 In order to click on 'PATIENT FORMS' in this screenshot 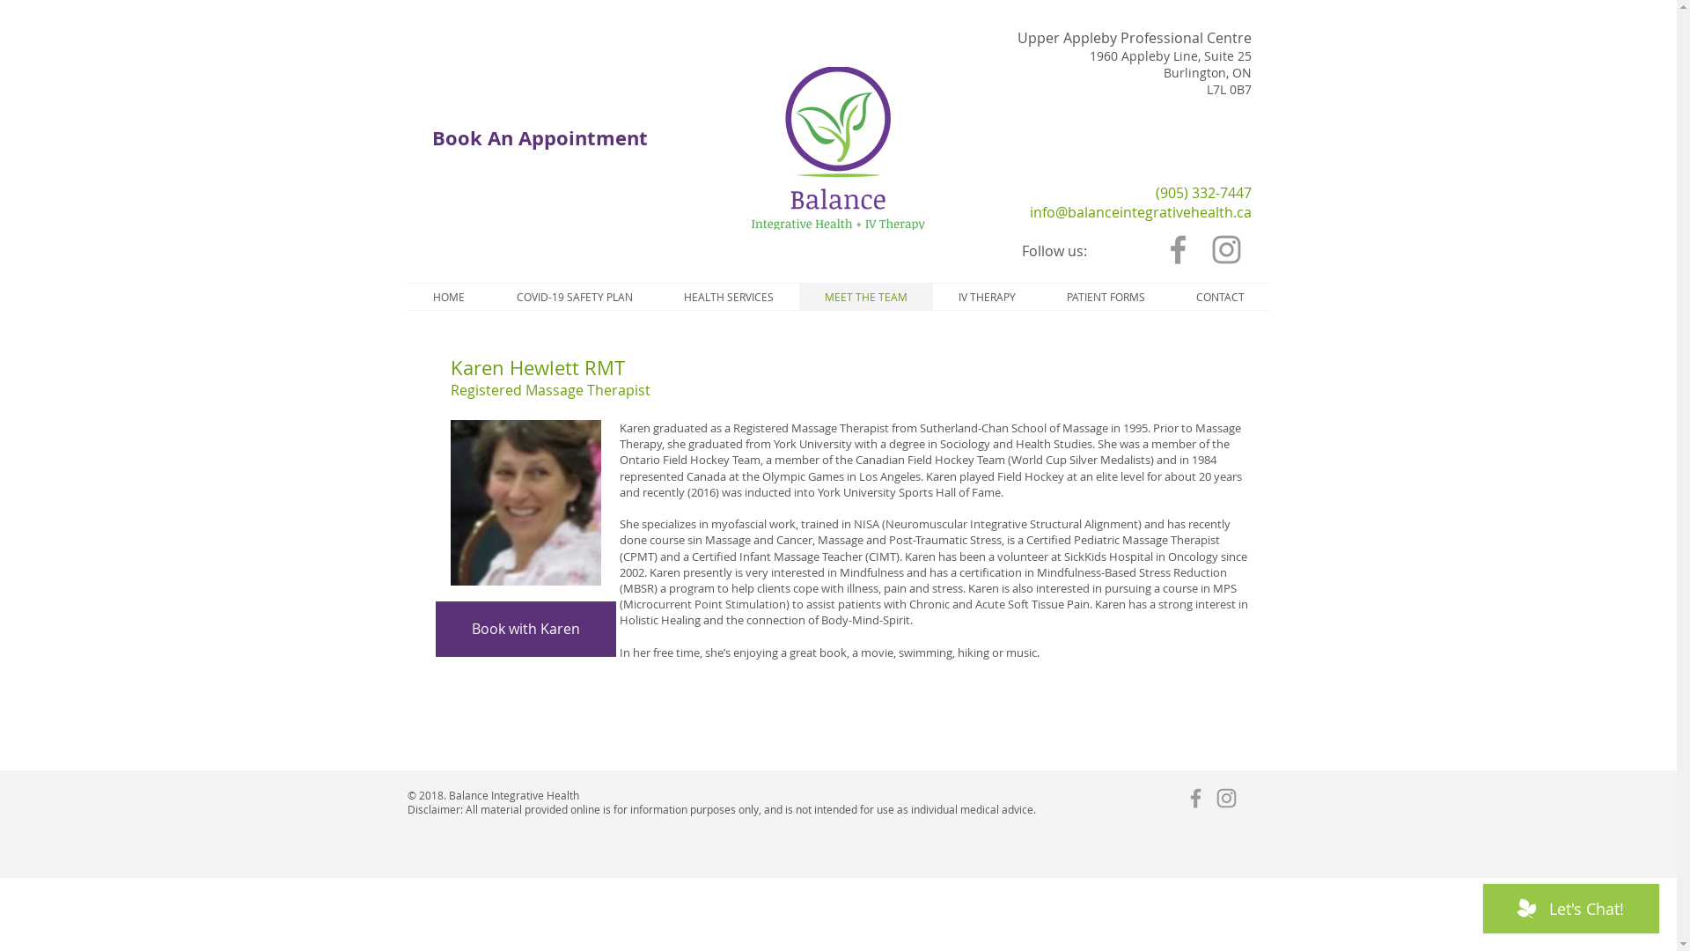, I will do `click(1104, 295)`.